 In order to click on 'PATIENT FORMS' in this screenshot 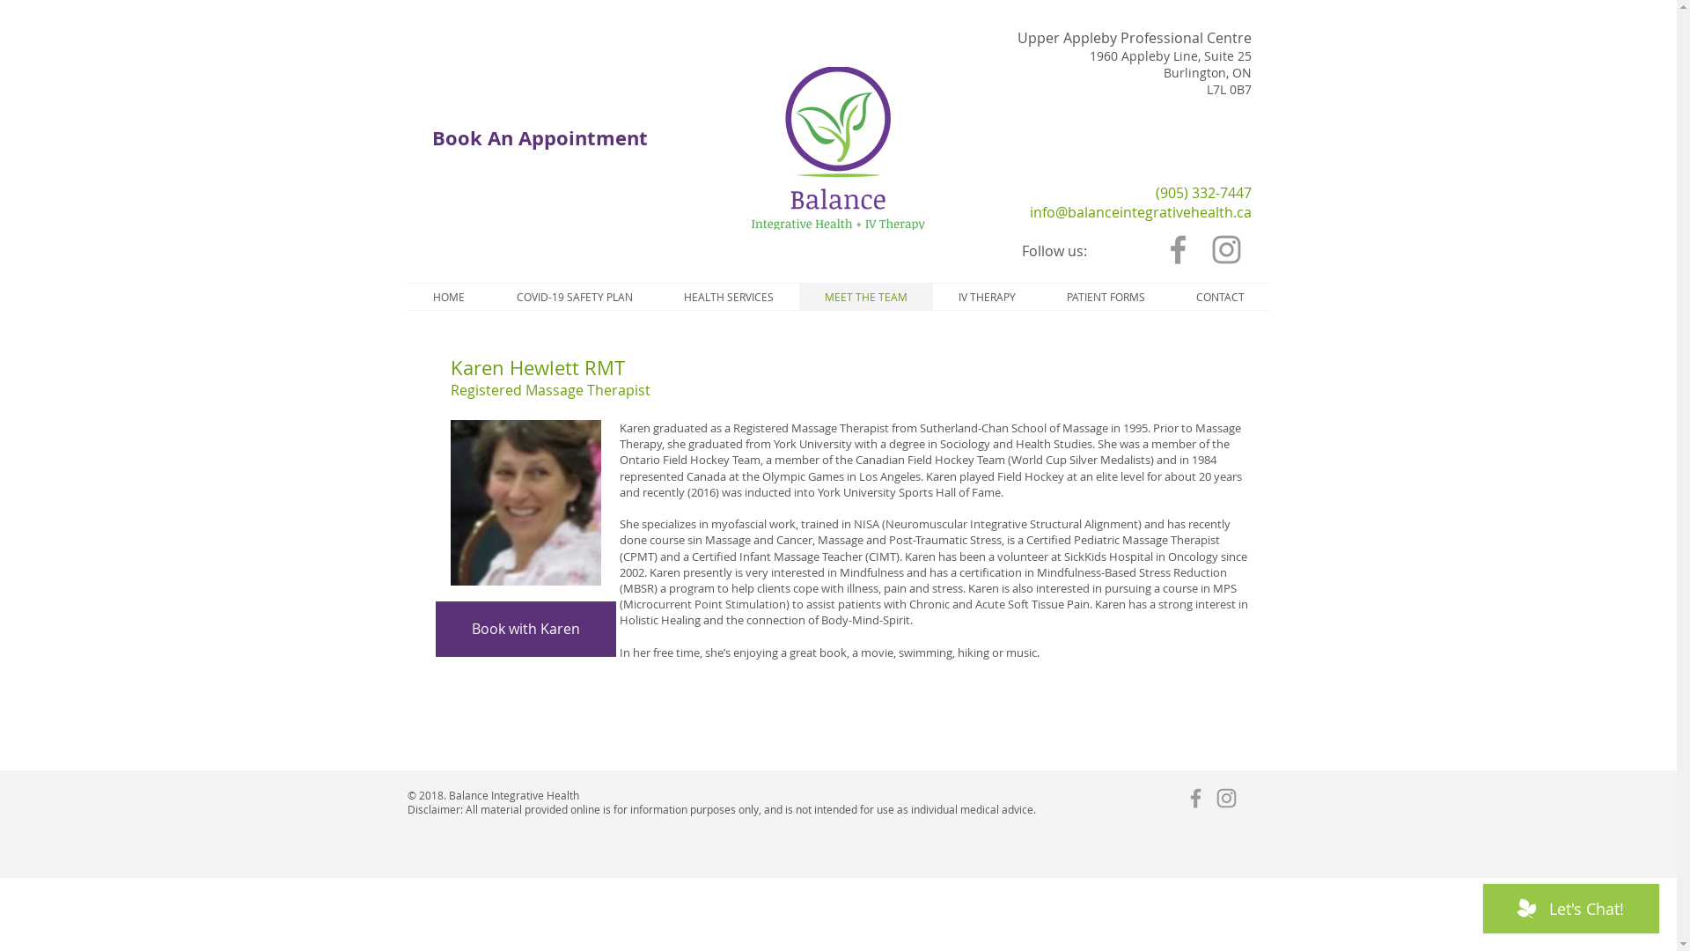, I will do `click(1104, 295)`.